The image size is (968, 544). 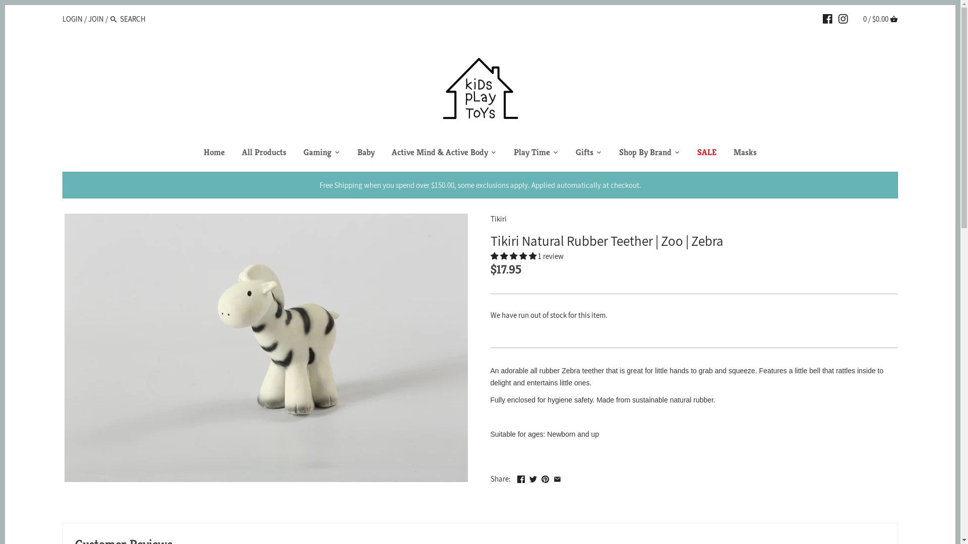 I want to click on 'Active Mind & Active Body', so click(x=440, y=153).